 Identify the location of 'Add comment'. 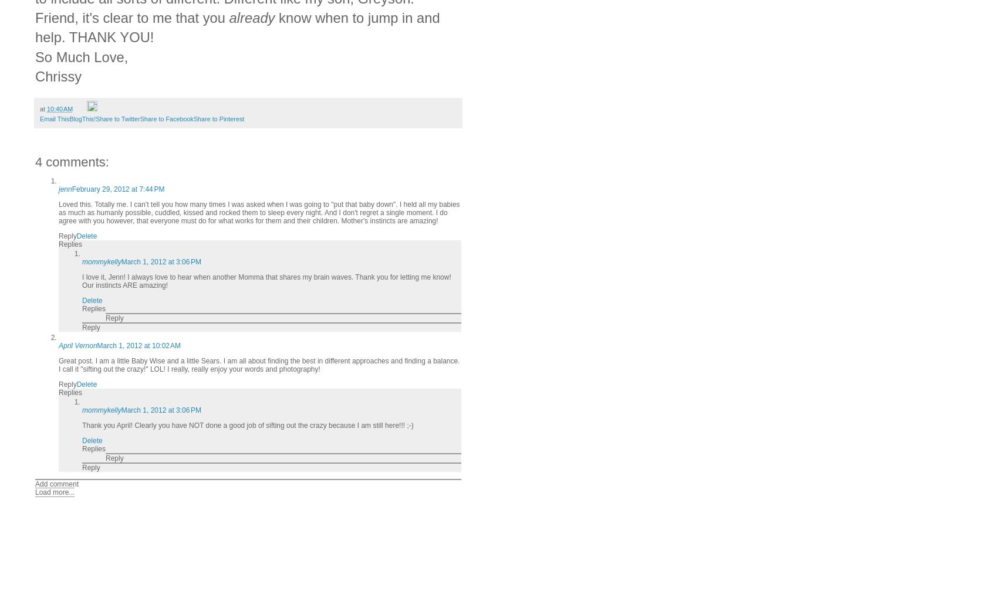
(56, 483).